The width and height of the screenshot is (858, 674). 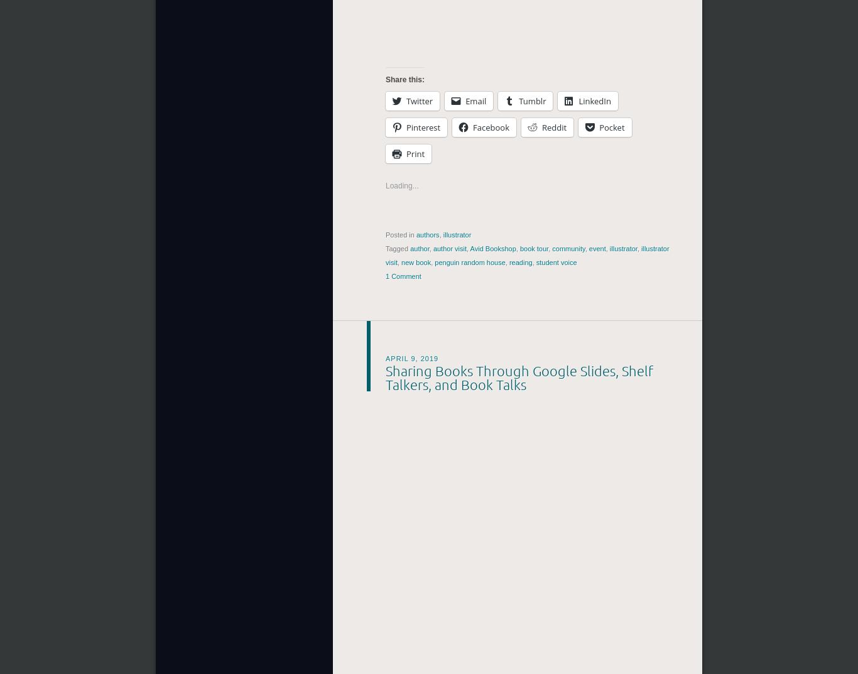 What do you see at coordinates (415, 234) in the screenshot?
I see `'authors'` at bounding box center [415, 234].